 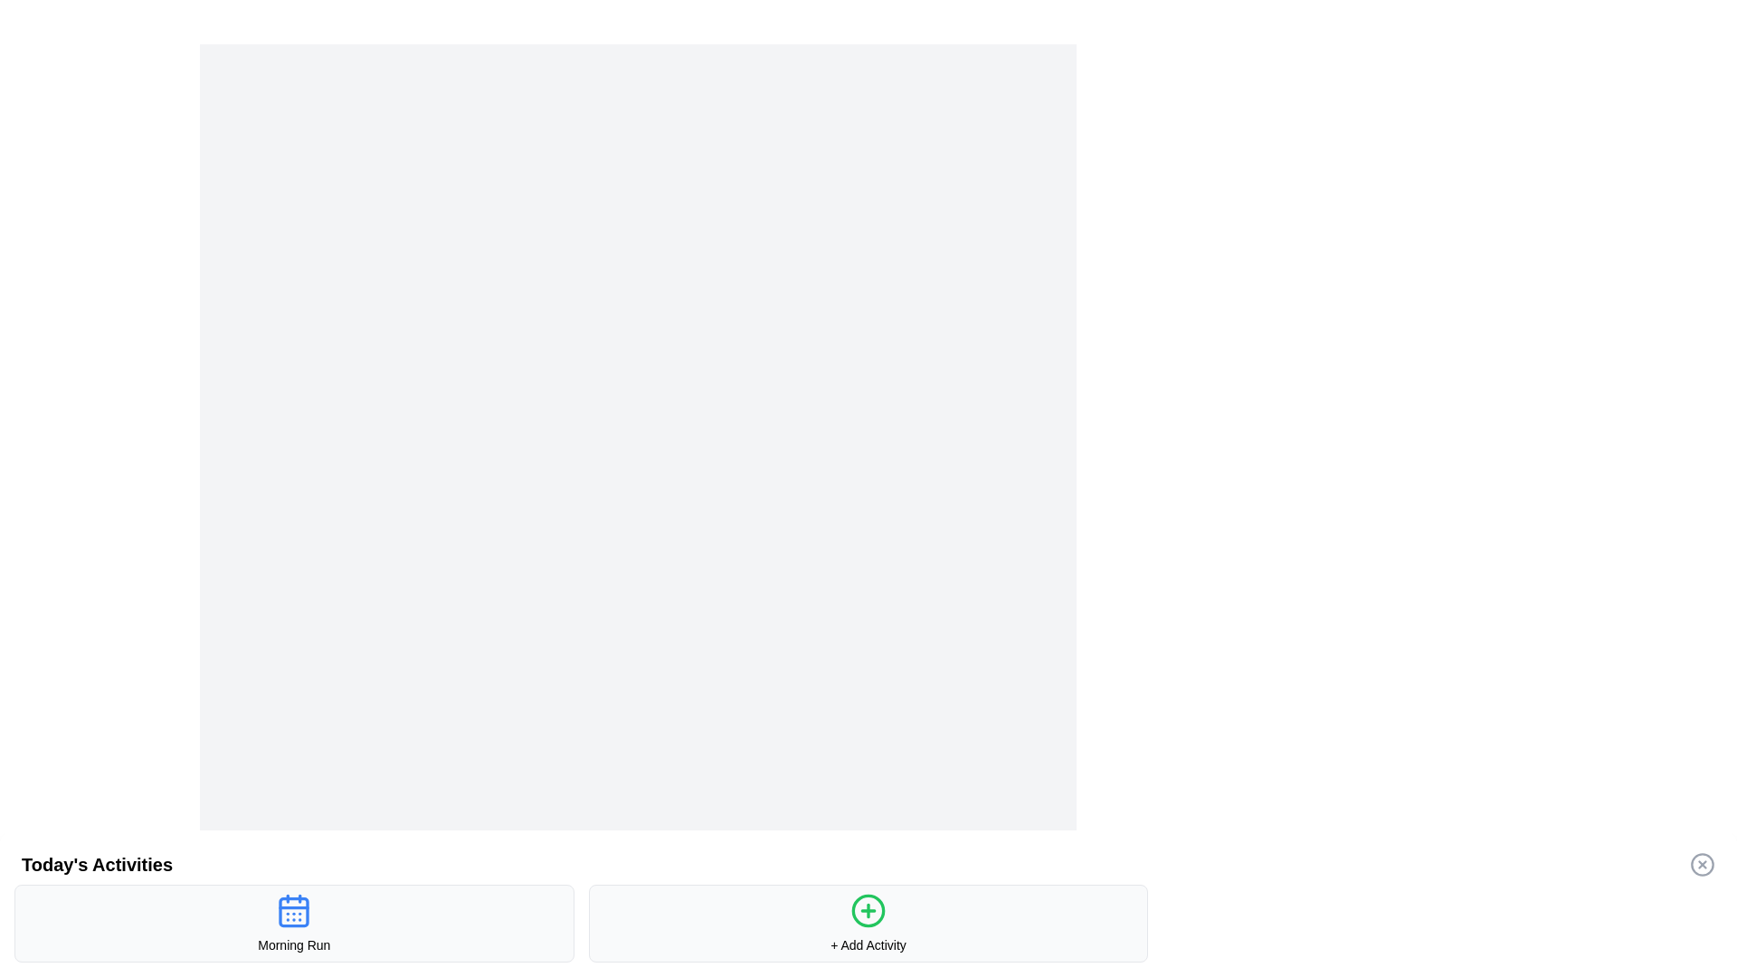 What do you see at coordinates (868, 910) in the screenshot?
I see `the circular green outlined icon button with a green plus sign in the center` at bounding box center [868, 910].